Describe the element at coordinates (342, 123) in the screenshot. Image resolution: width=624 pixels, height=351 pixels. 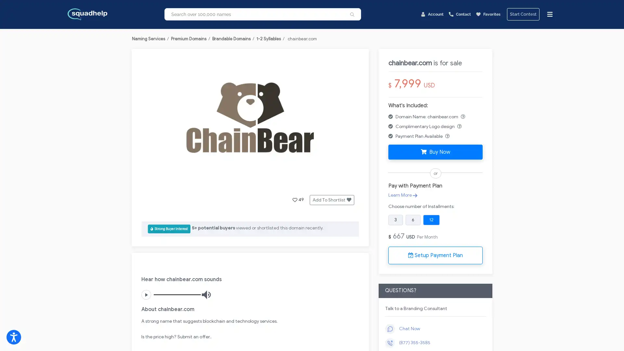
I see `Next` at that location.